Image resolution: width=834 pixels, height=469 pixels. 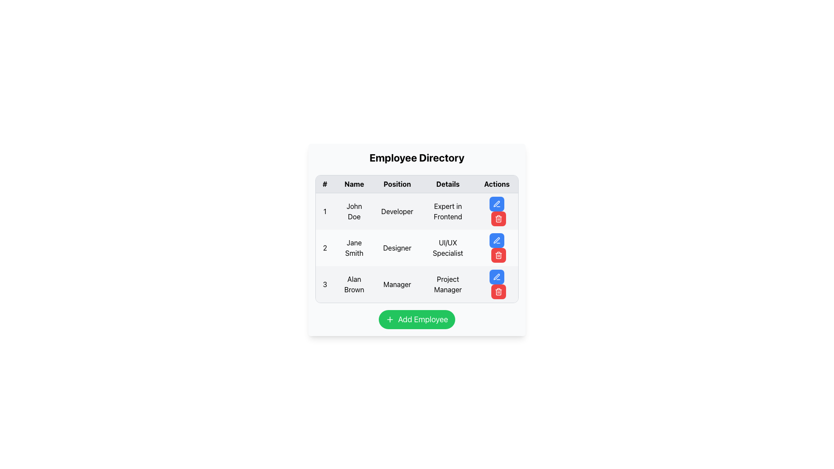 I want to click on the small green circular '+' icon located to the left of the 'Add Employee' button at the center bottom of the interface, so click(x=390, y=320).